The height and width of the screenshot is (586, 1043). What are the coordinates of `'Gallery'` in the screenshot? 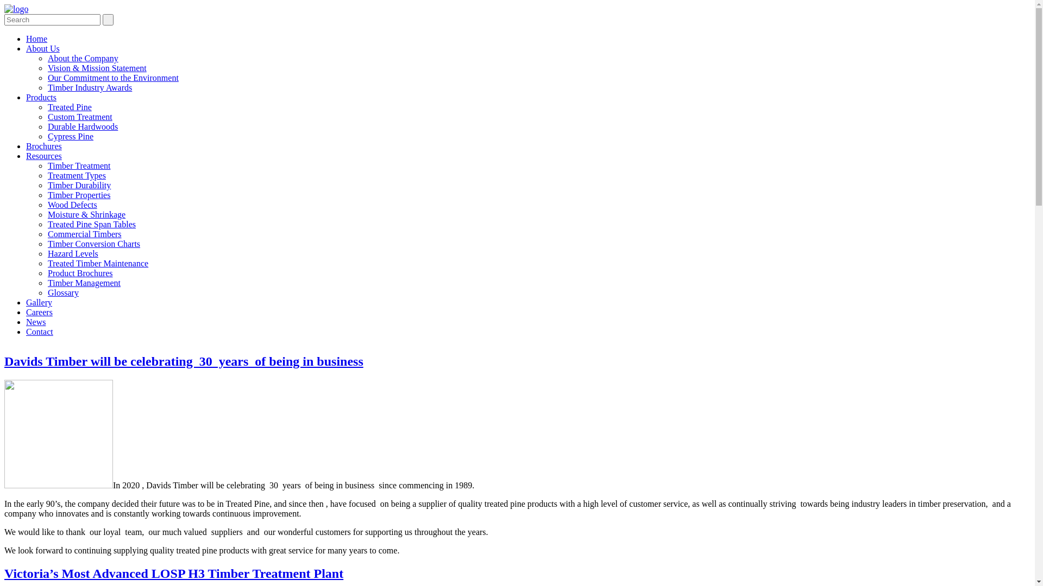 It's located at (39, 302).